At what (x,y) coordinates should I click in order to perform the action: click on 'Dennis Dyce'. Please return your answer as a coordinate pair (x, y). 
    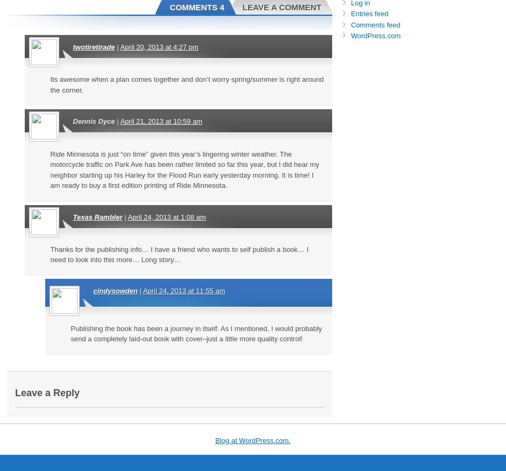
    Looking at the image, I should click on (93, 121).